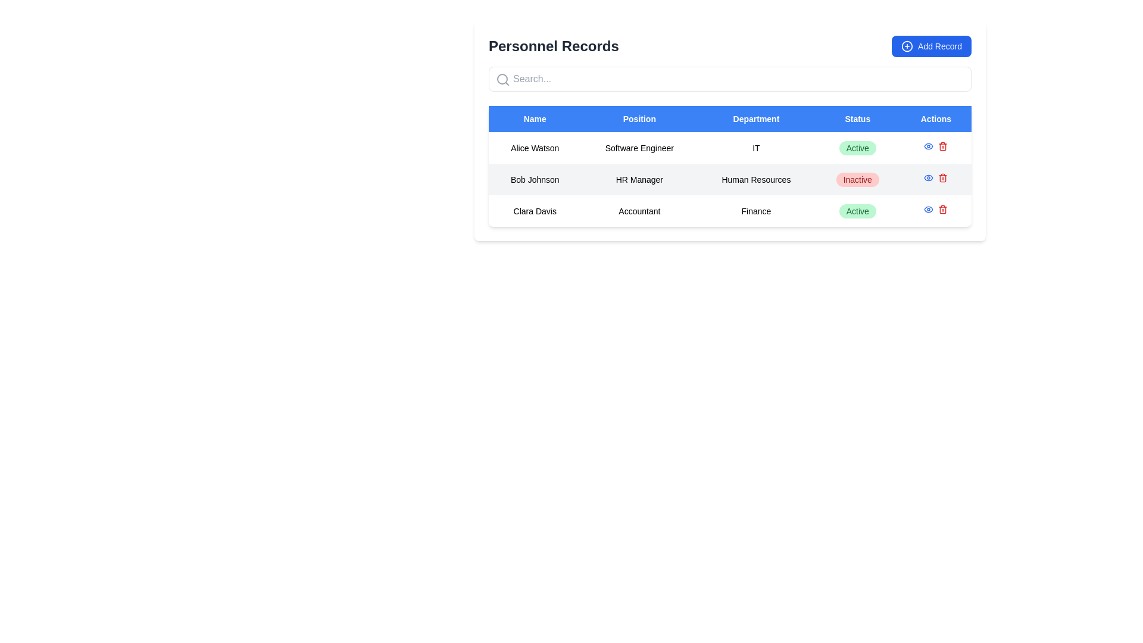 This screenshot has width=1143, height=643. Describe the element at coordinates (534, 119) in the screenshot. I see `the 'Name' Table Header, which is the first column in the top header row of the table, styled with white font on a blue background` at that location.